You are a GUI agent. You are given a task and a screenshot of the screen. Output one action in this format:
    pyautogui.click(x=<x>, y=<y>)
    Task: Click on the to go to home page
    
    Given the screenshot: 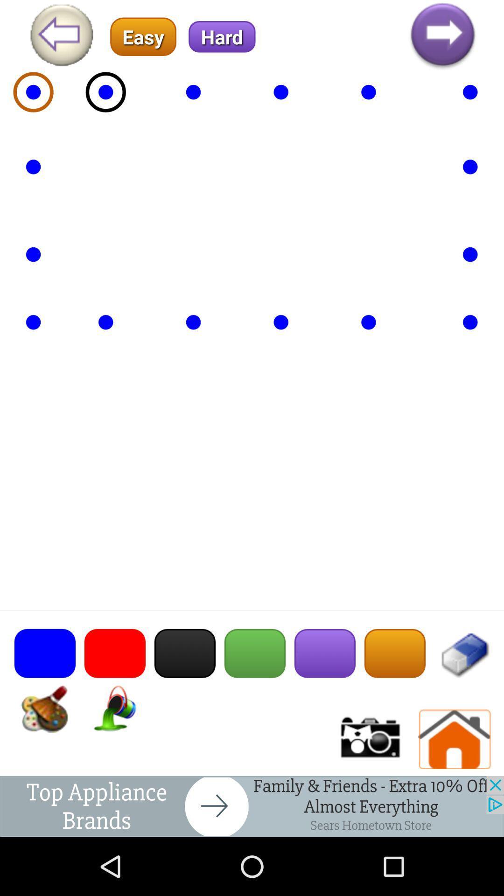 What is the action you would take?
    pyautogui.click(x=455, y=739)
    